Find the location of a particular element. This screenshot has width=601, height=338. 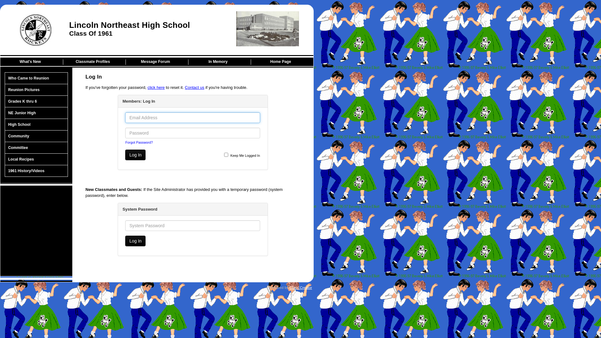

'click here' is located at coordinates (156, 87).